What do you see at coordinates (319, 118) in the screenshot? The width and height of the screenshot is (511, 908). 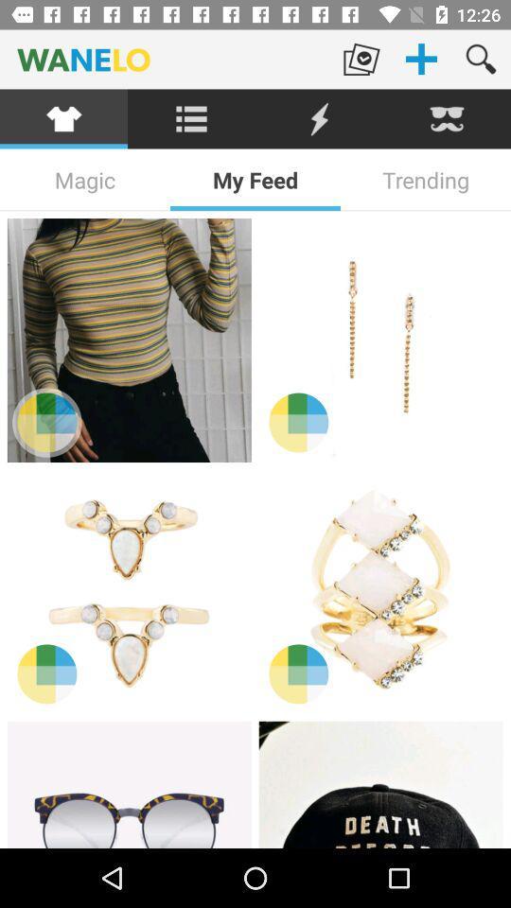 I see `the item above my feed icon` at bounding box center [319, 118].